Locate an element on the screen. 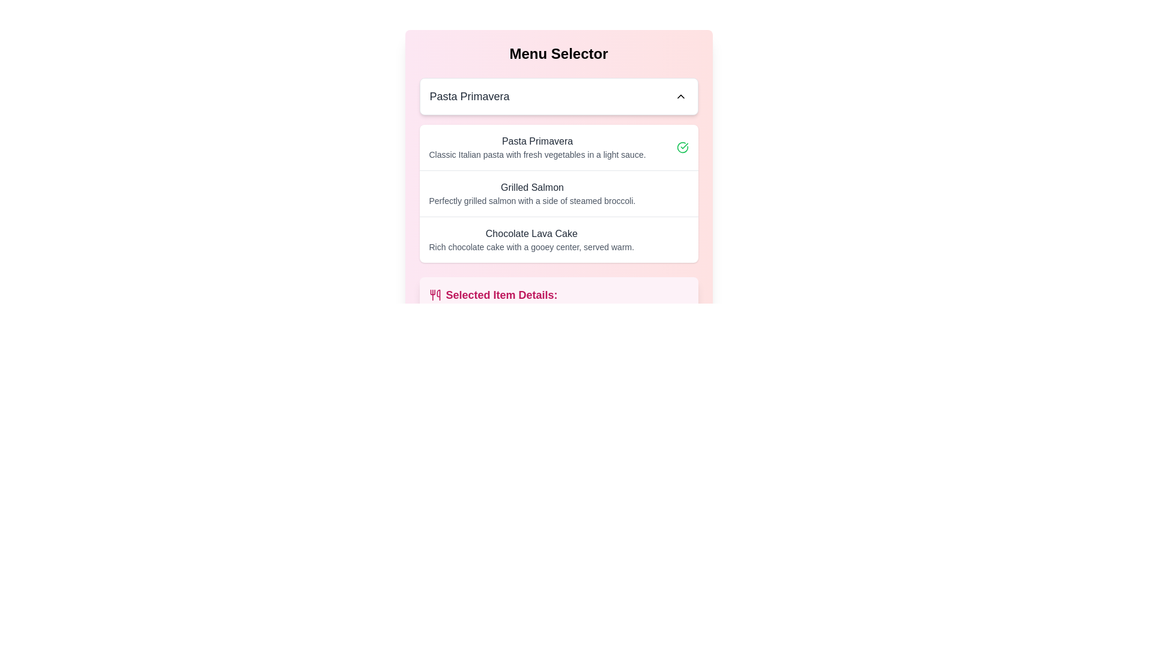 Image resolution: width=1153 pixels, height=648 pixels. the status of the circular checkmark icon located on the far right of the menu item for 'Pasta Primavera' is located at coordinates (682, 147).